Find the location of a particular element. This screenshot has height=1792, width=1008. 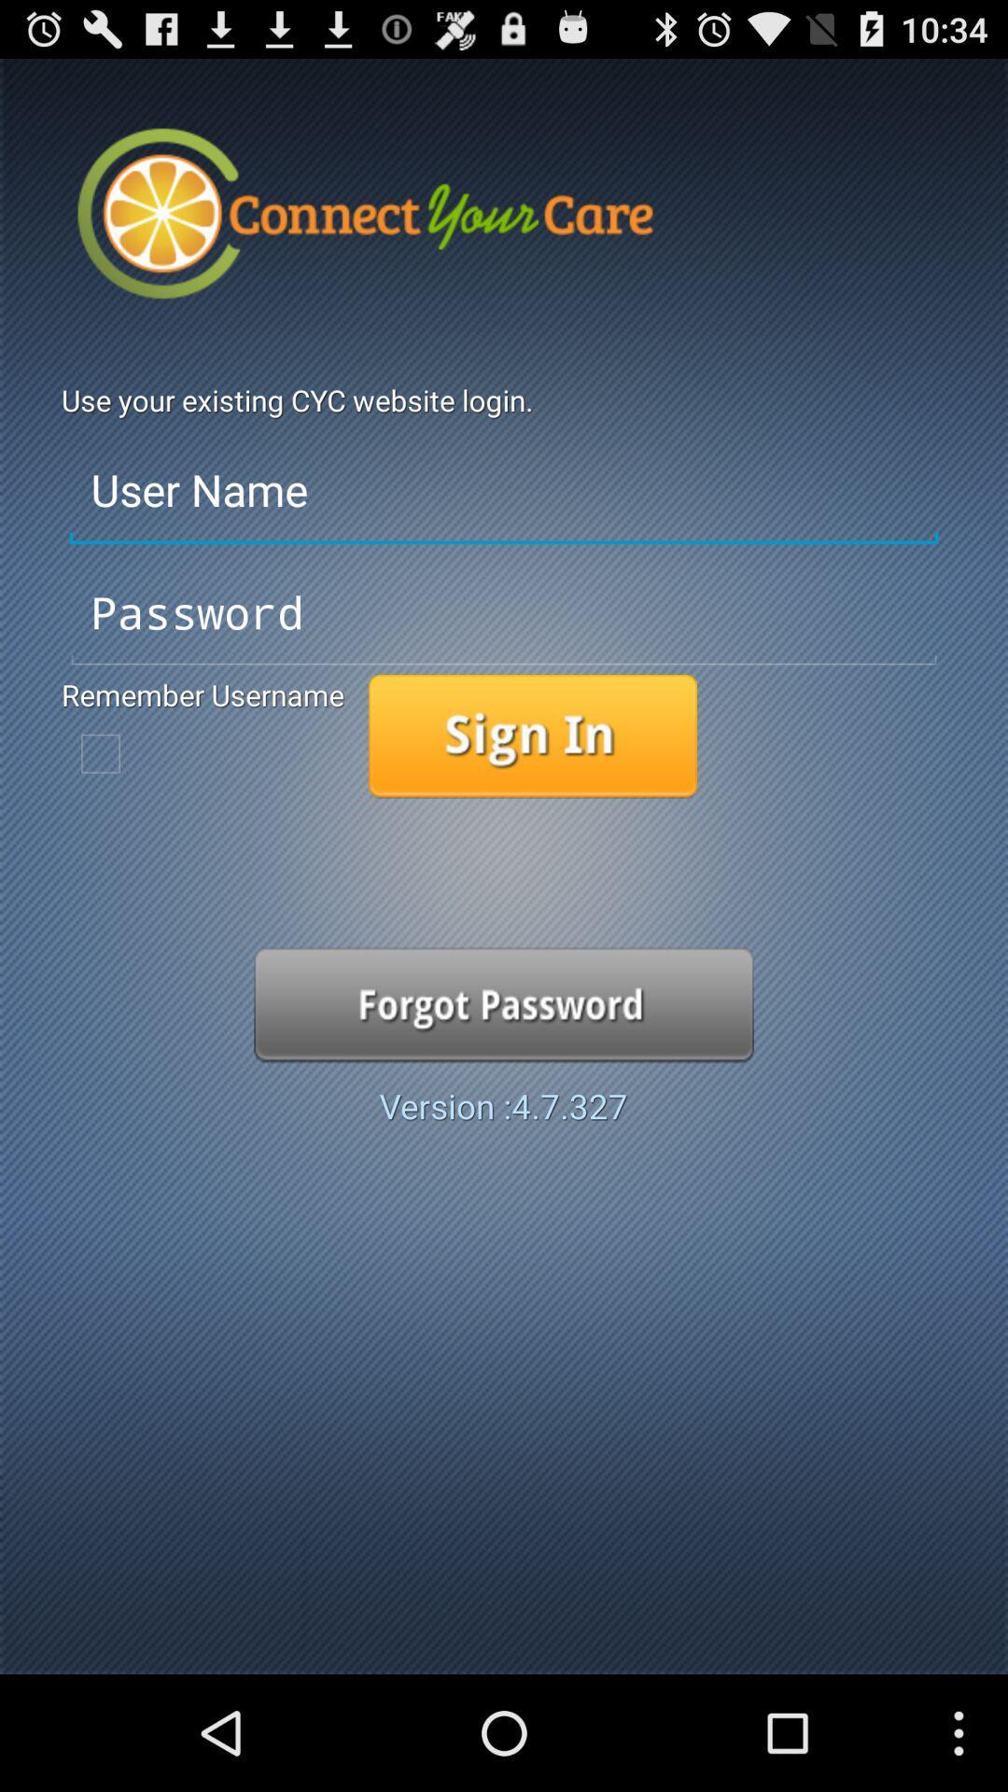

the user name is located at coordinates (504, 491).